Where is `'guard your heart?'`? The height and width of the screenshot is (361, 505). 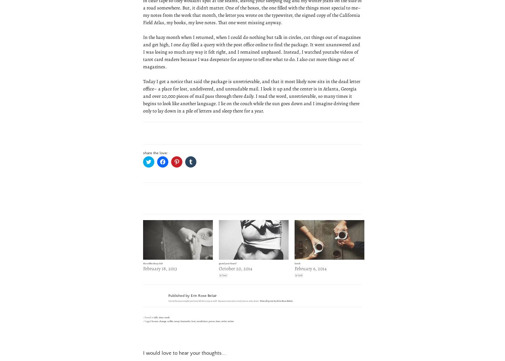
'guard your heart?' is located at coordinates (218, 263).